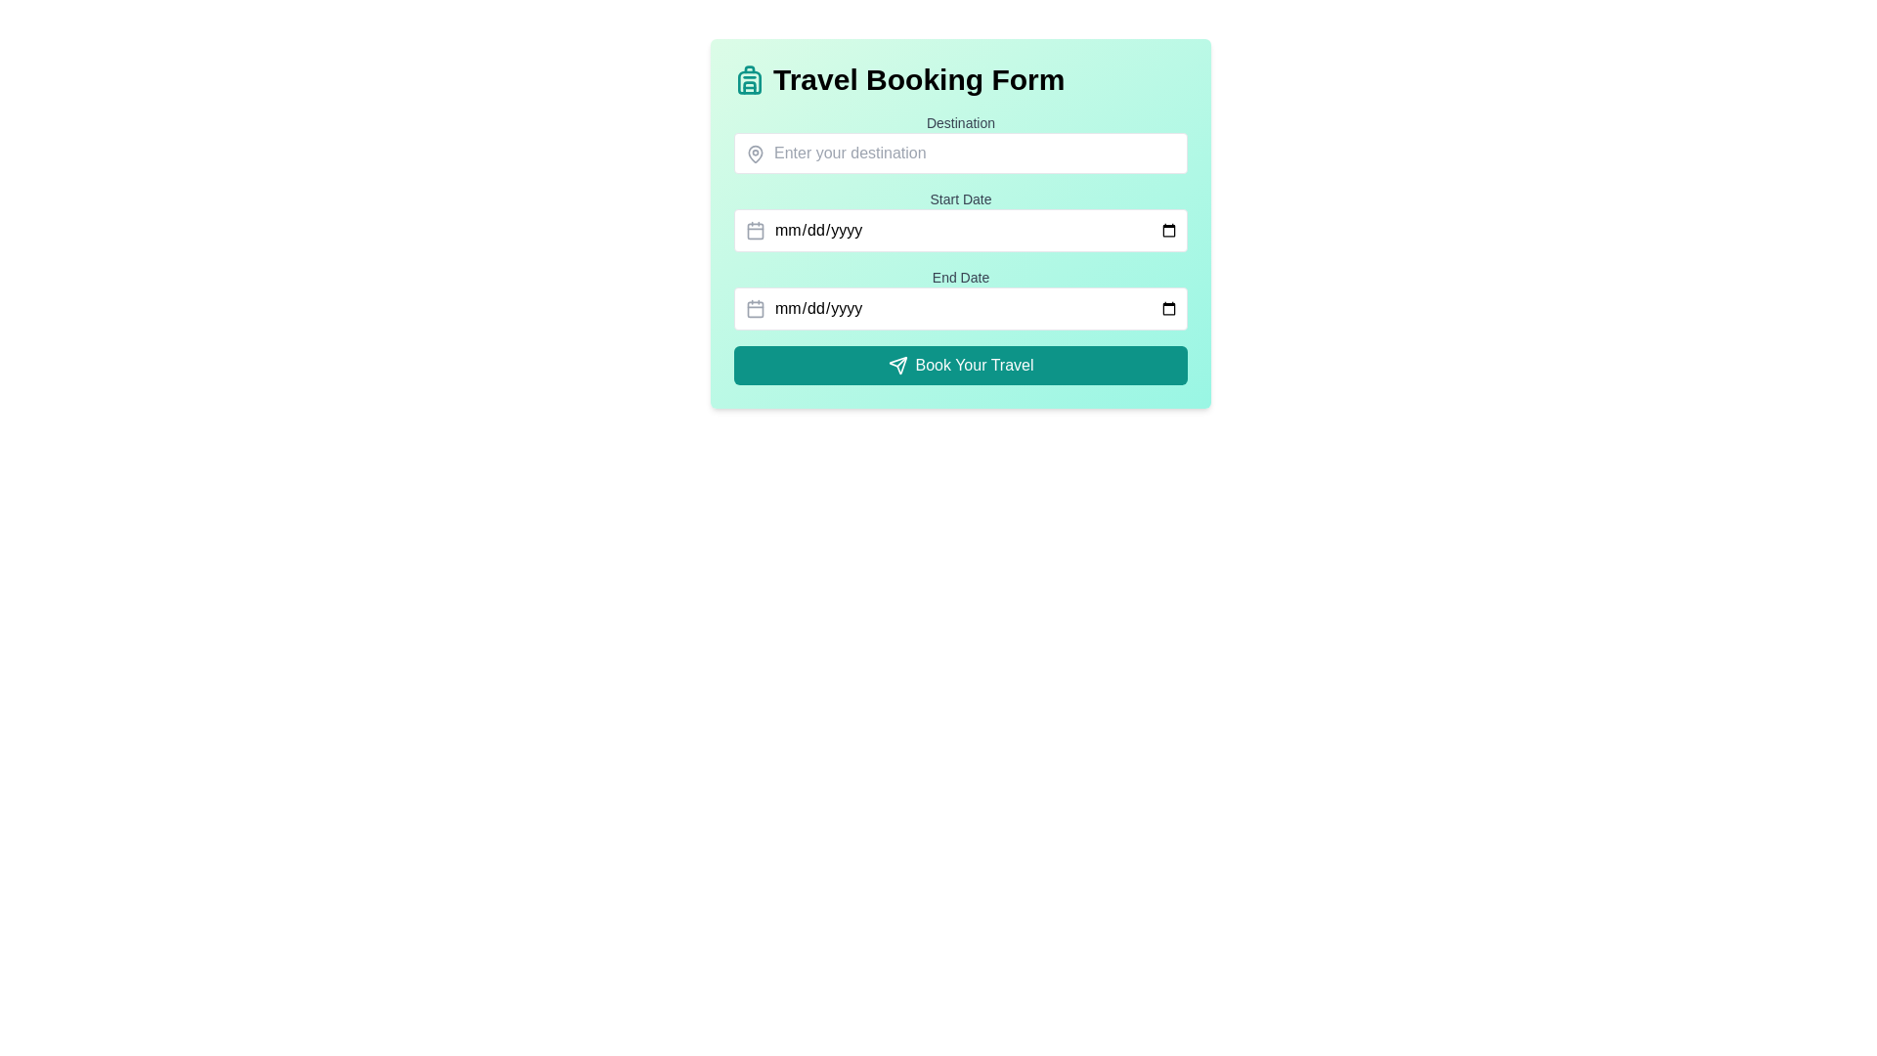  I want to click on text 'Travel Booking Form' from the Header element located at the top of the travel booking form, which includes a backpack icon to the left of the title, so click(961, 78).